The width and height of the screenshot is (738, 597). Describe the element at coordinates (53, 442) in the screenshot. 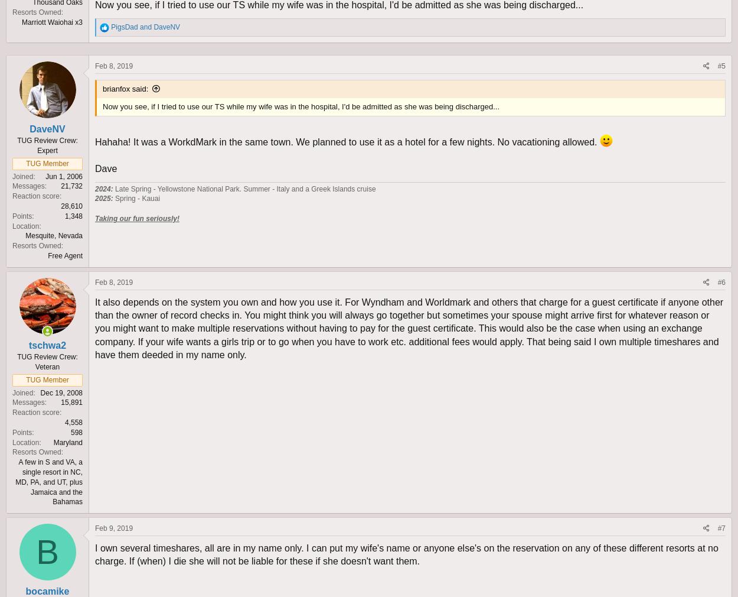

I see `'Maryland'` at that location.